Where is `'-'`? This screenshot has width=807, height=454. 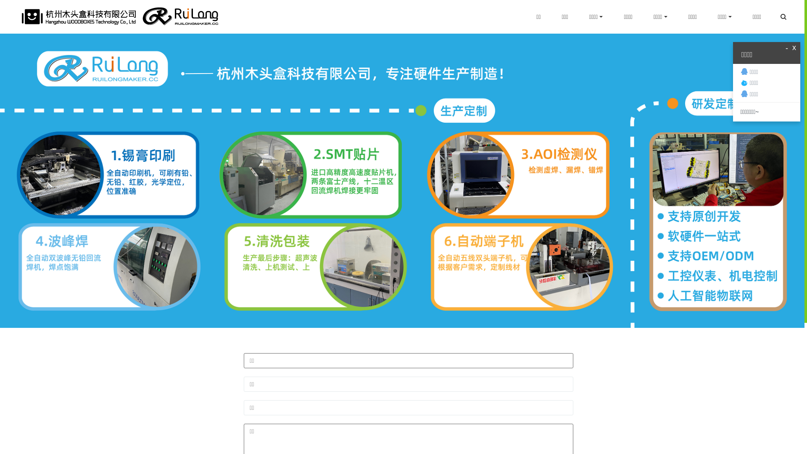
'-' is located at coordinates (786, 48).